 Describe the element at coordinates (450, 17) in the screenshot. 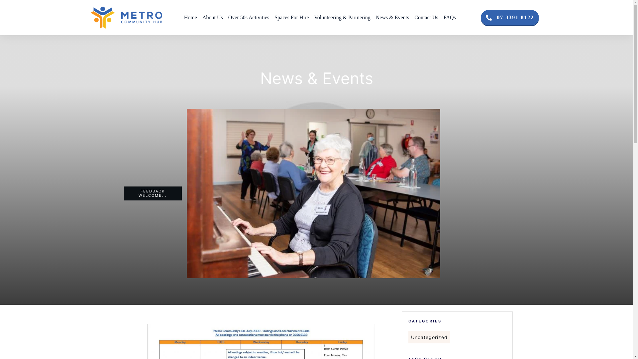

I see `'FAQs'` at that location.